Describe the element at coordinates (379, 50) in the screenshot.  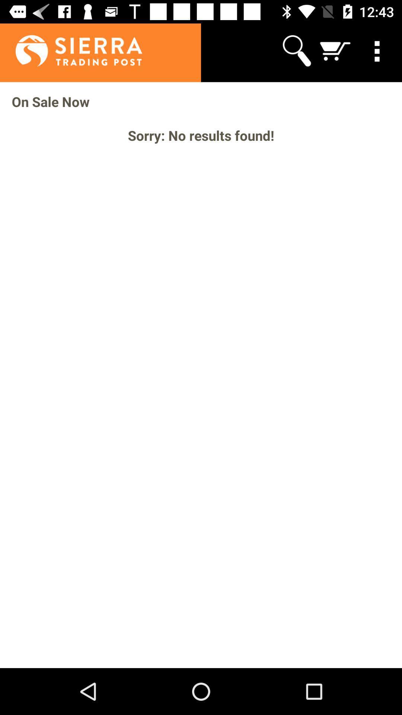
I see `icon above on sale now item` at that location.